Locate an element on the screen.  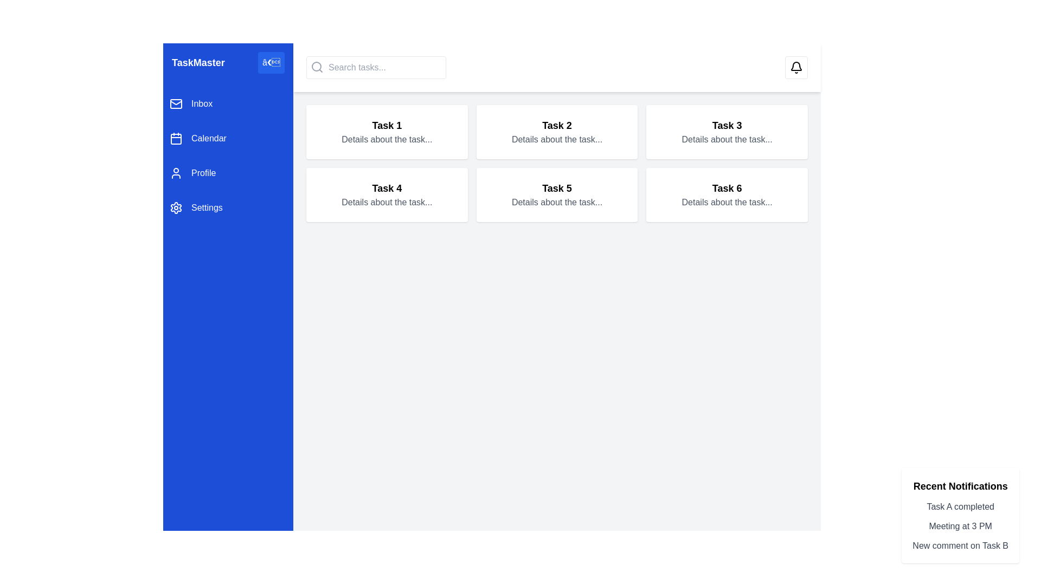
the SVG circle component that resembles a magnifying glass's lens, which is part of the search icon positioned at the top center of the interface, to the left of the search input field is located at coordinates (316, 67).